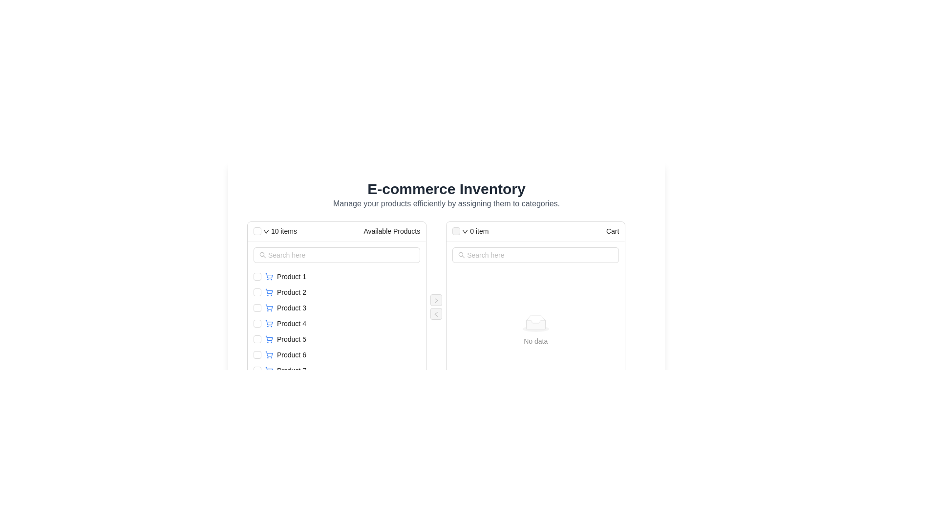  Describe the element at coordinates (337, 254) in the screenshot. I see `the search input field styled with a rounded rectangular border in the 'Available Products' section to focus on it` at that location.